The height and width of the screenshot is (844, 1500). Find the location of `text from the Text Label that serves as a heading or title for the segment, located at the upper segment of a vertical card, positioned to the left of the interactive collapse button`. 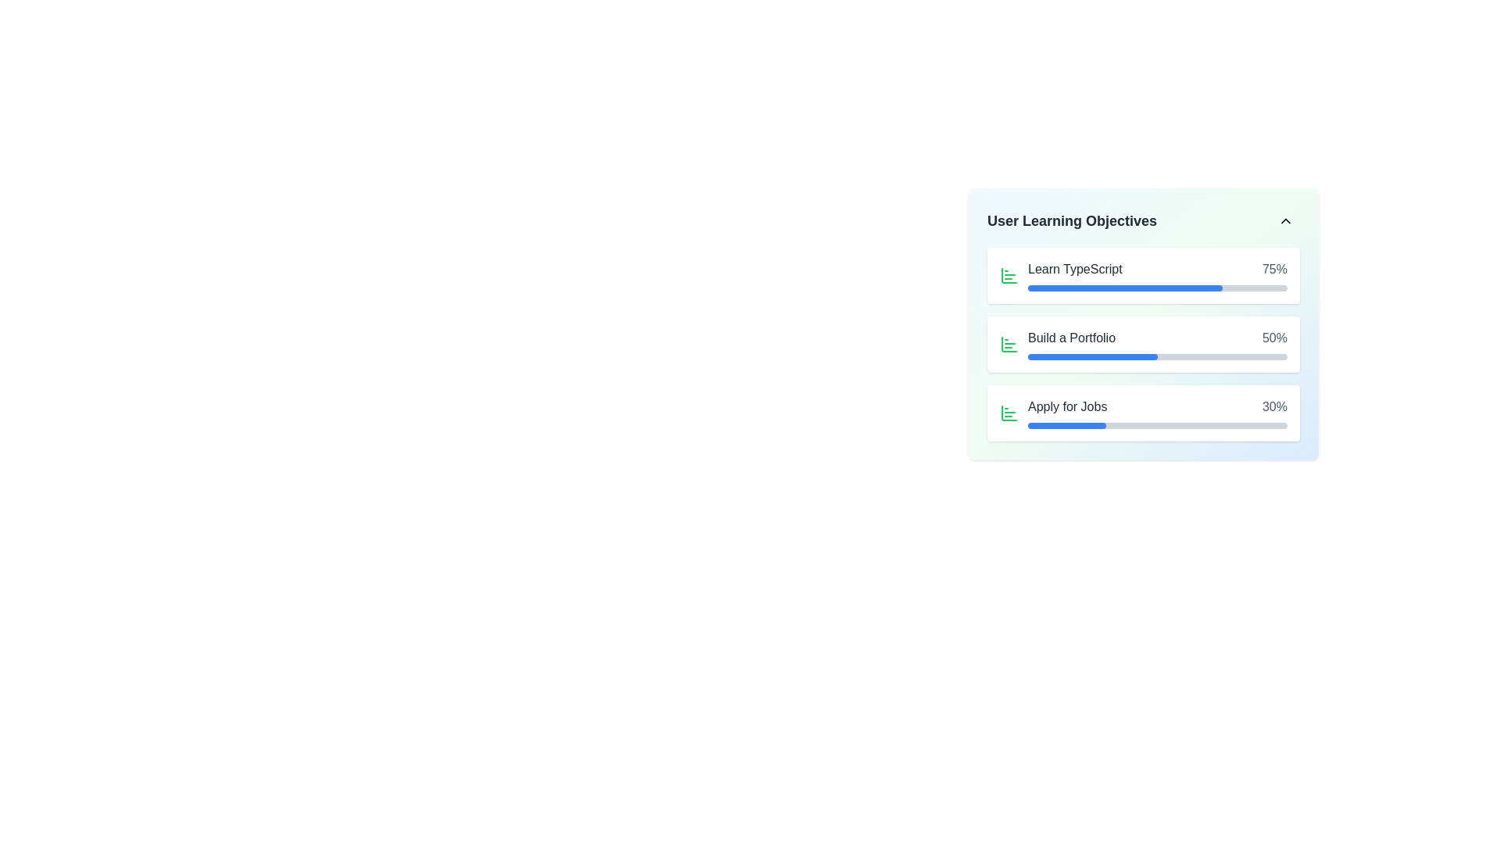

text from the Text Label that serves as a heading or title for the segment, located at the upper segment of a vertical card, positioned to the left of the interactive collapse button is located at coordinates (1071, 220).